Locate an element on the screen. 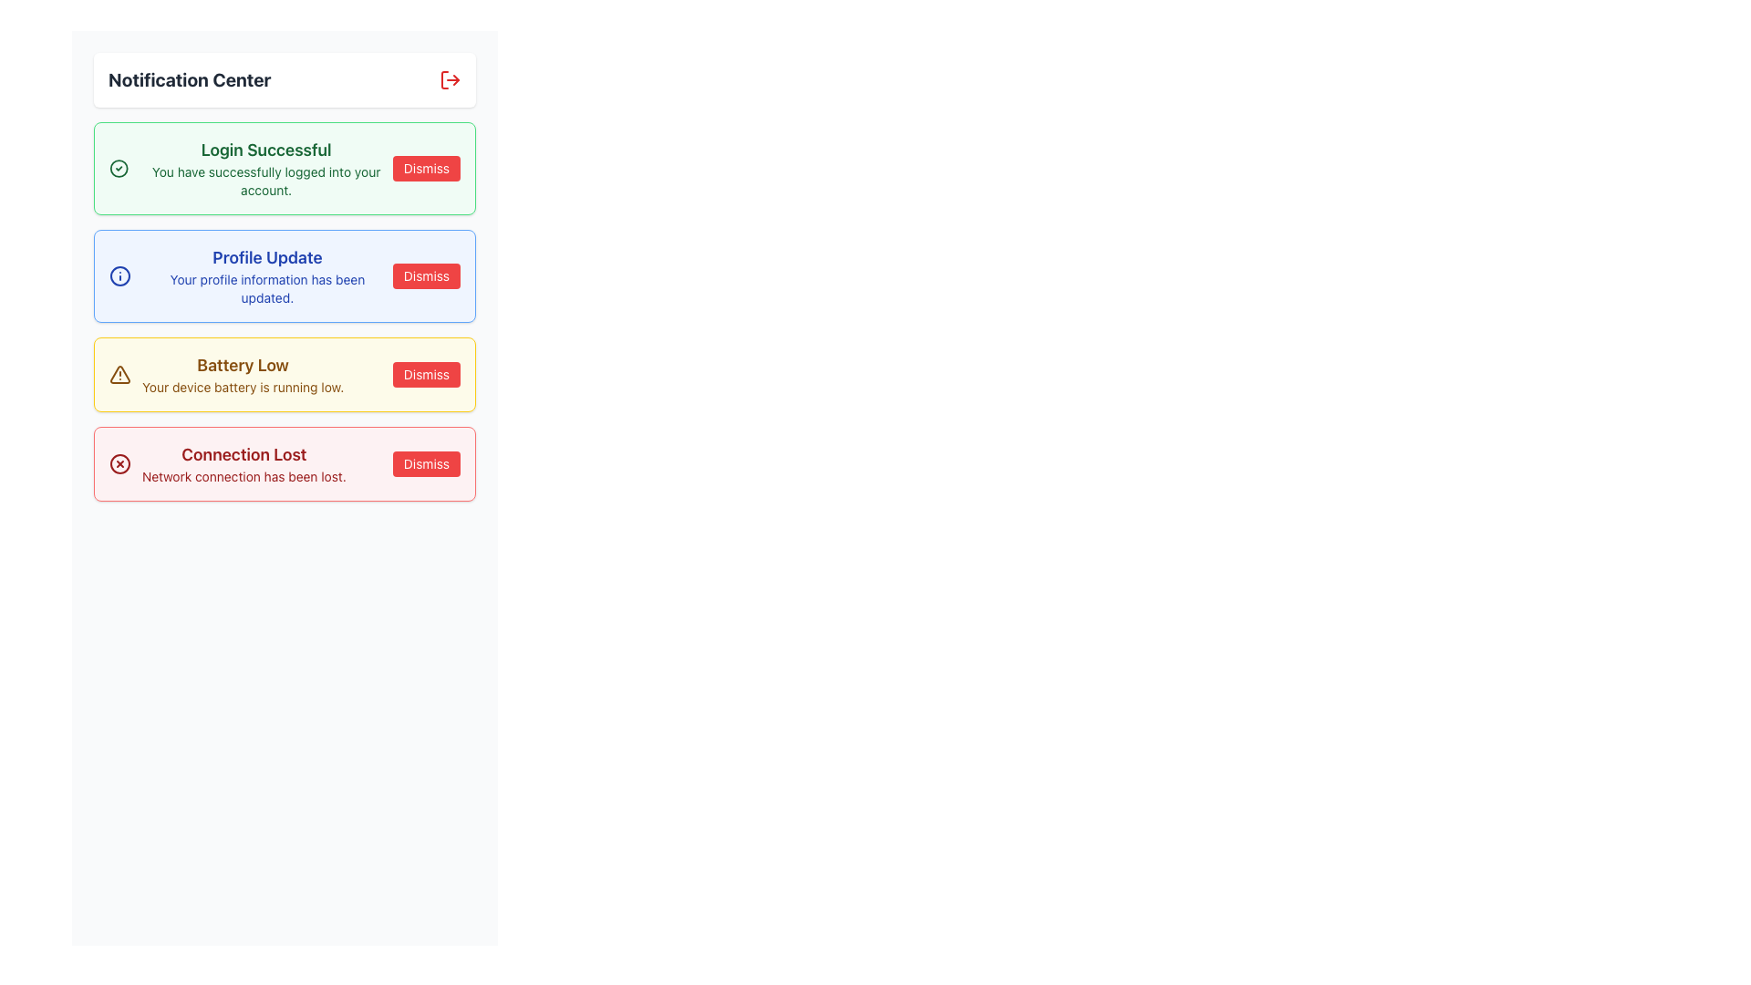 Image resolution: width=1751 pixels, height=985 pixels. the circular SVG icon with a blue outline and white fill, located in the middle of the 'Profile Update' notification section, which is the second card in the list of notifications is located at coordinates (119, 276).